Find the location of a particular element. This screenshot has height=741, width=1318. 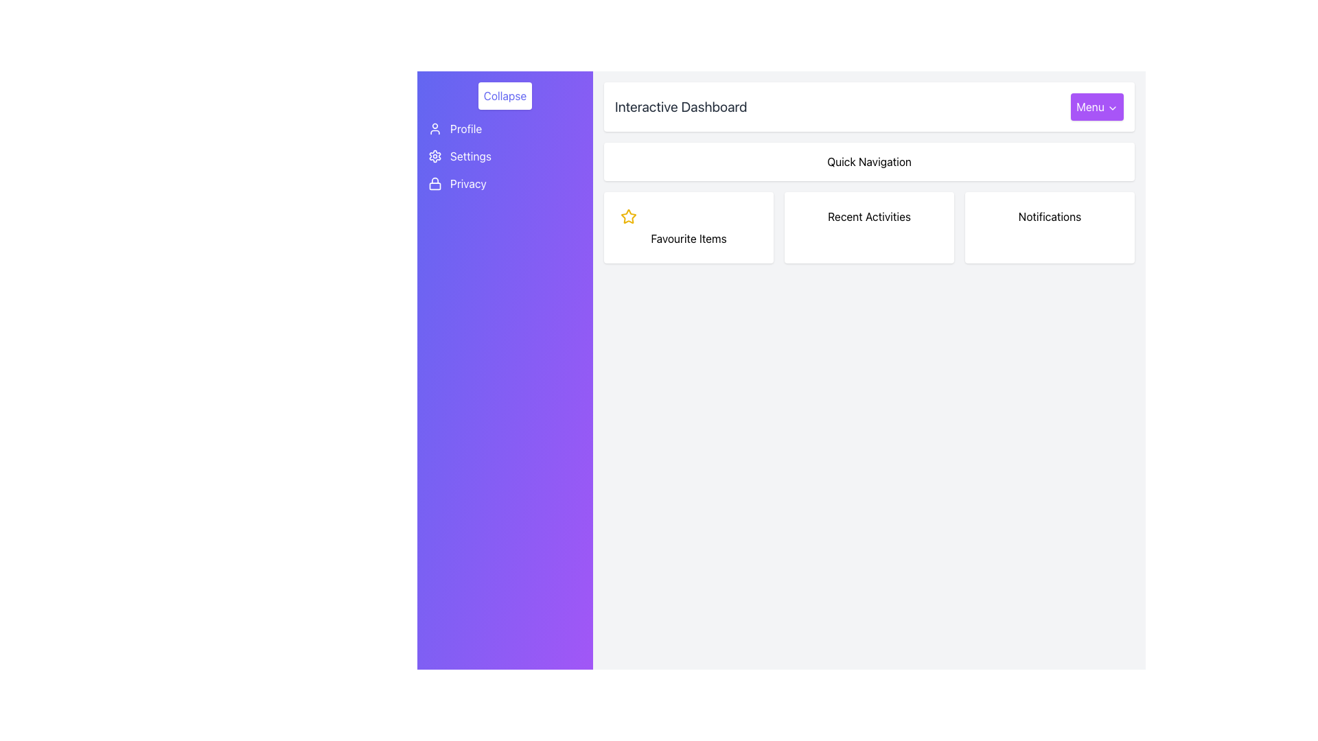

'Quick Navigation' label, which serves as a title for the section below, located beneath 'Interactive Dashboard' and above 'Favourite Items,' 'Recent Activities,' and 'Notifications.' is located at coordinates (868, 161).